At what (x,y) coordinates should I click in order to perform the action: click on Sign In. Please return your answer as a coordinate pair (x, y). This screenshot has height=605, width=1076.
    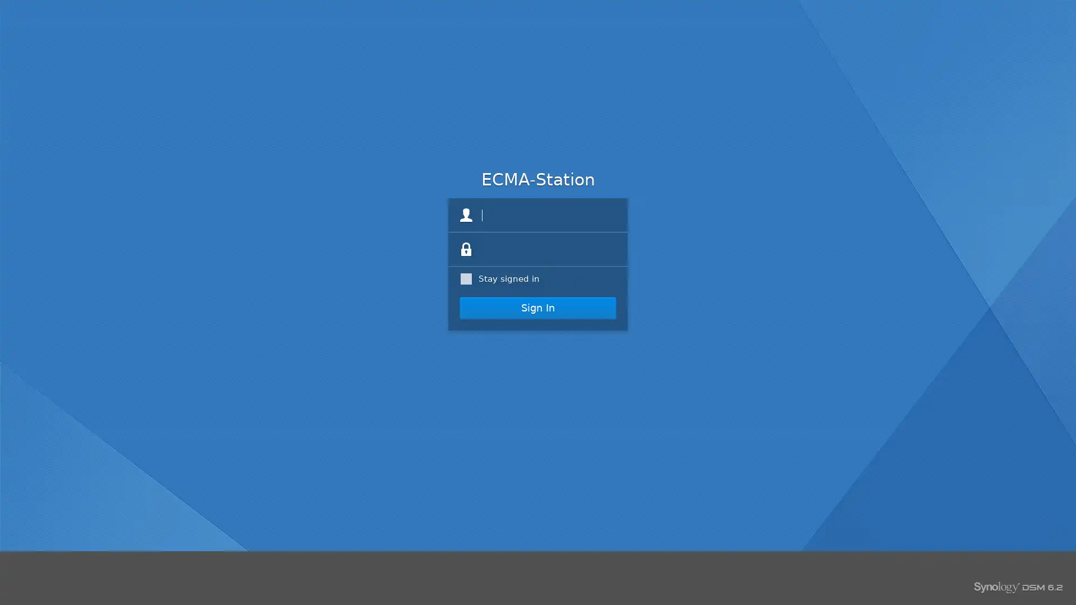
    Looking at the image, I should click on (538, 308).